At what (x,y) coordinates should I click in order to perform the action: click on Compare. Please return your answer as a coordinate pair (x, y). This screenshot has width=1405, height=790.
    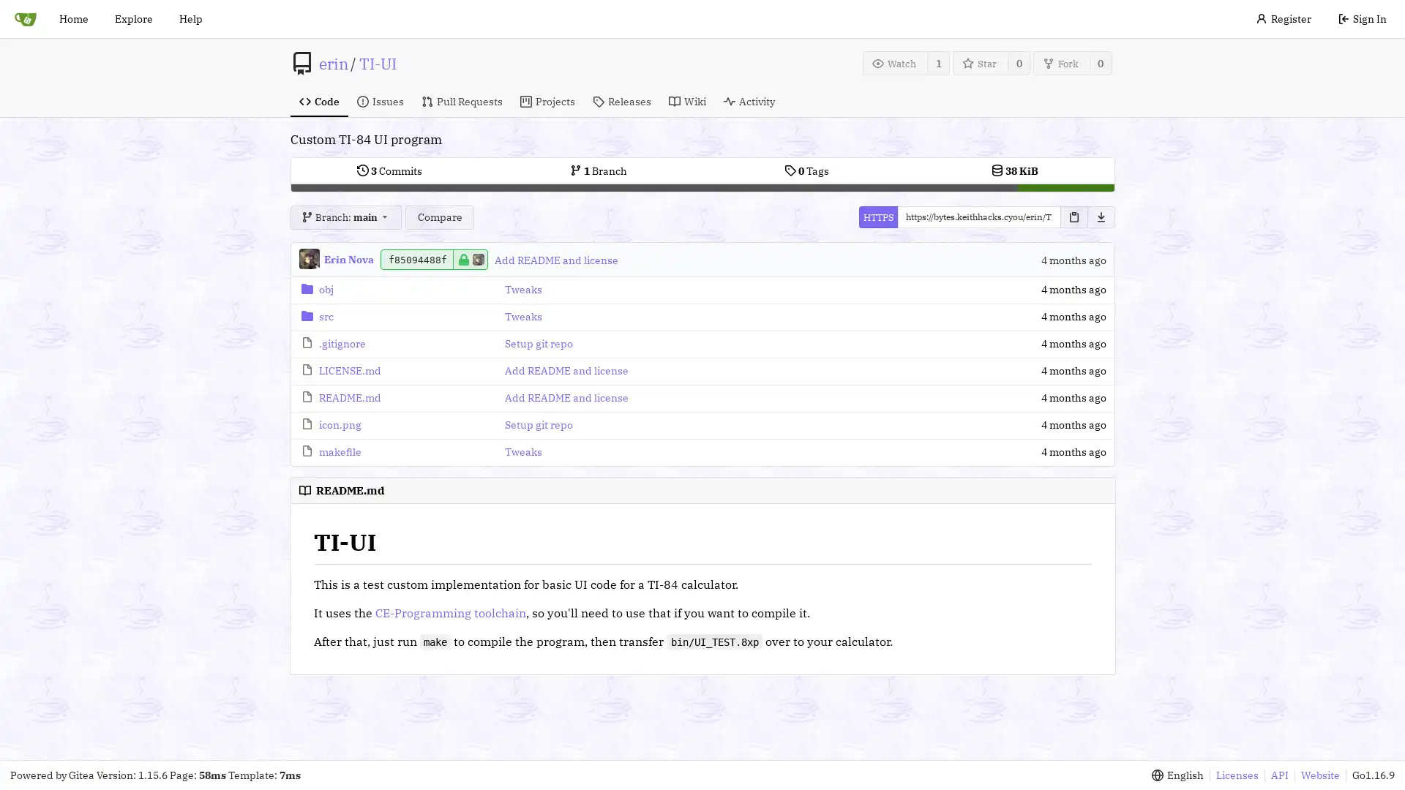
    Looking at the image, I should click on (438, 217).